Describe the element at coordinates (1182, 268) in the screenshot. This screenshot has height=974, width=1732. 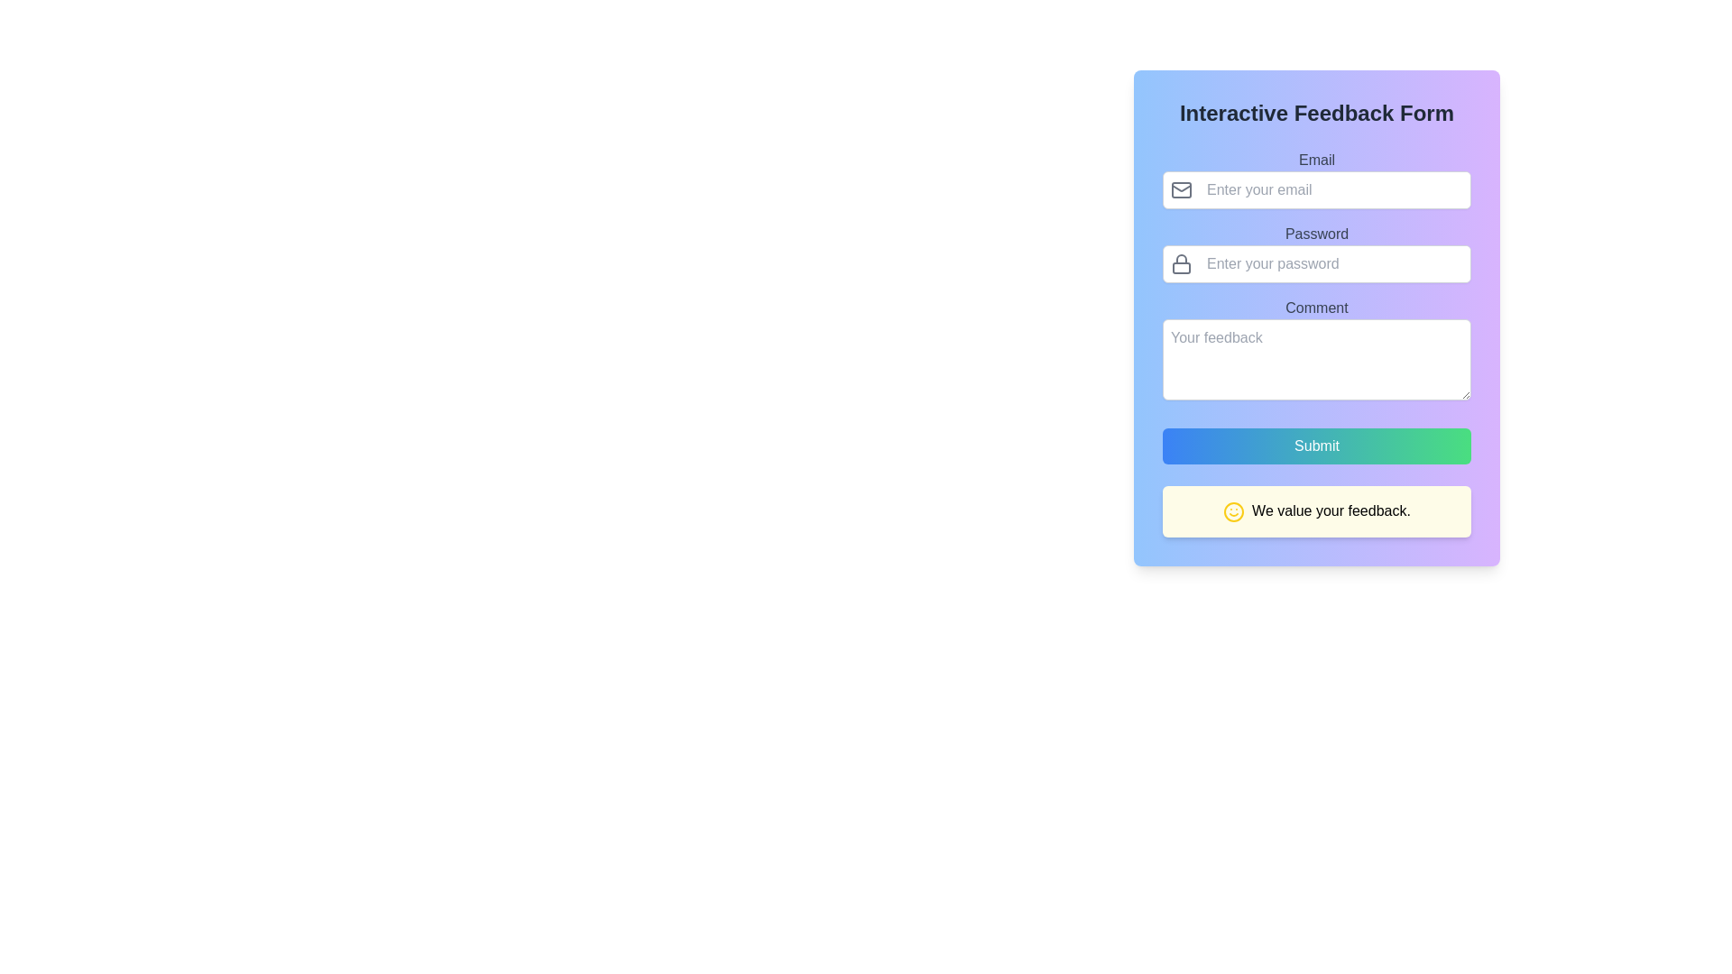
I see `the bottom rectangular part of the lock icon, which is gray and has a smooth, rounded appearance, located to the left of the 'Password' input field in the feedback form` at that location.